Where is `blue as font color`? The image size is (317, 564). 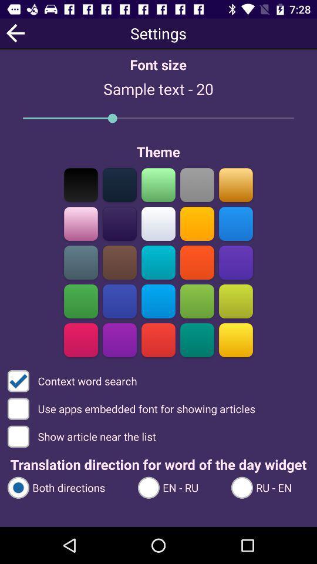 blue as font color is located at coordinates (235, 262).